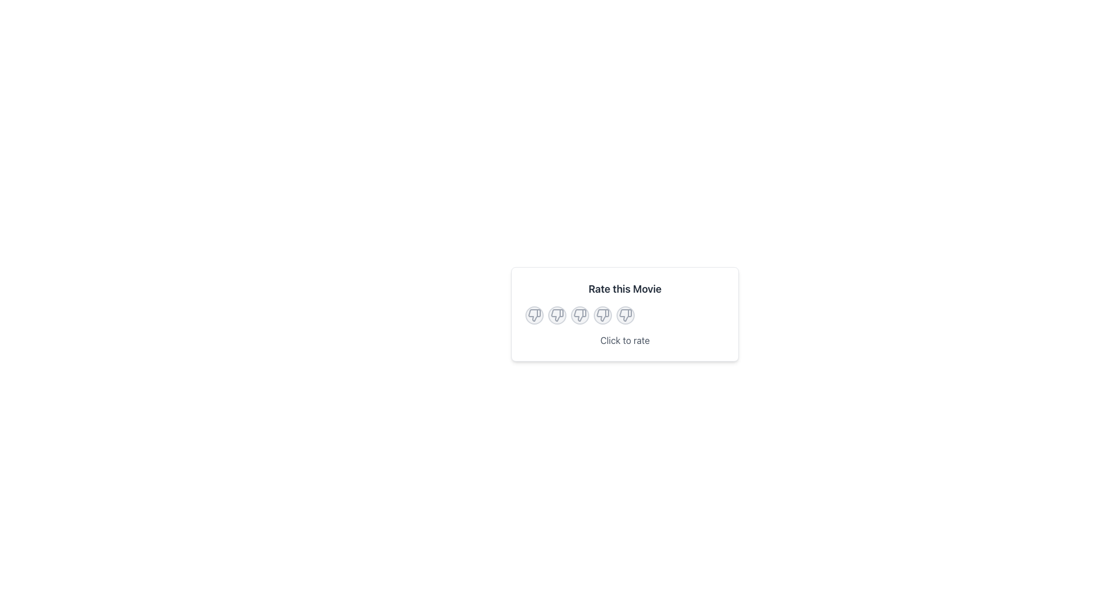 This screenshot has width=1093, height=615. Describe the element at coordinates (625, 315) in the screenshot. I see `the fifth thumbs-down SVG graphic icon located at the bottom right of the interface` at that location.